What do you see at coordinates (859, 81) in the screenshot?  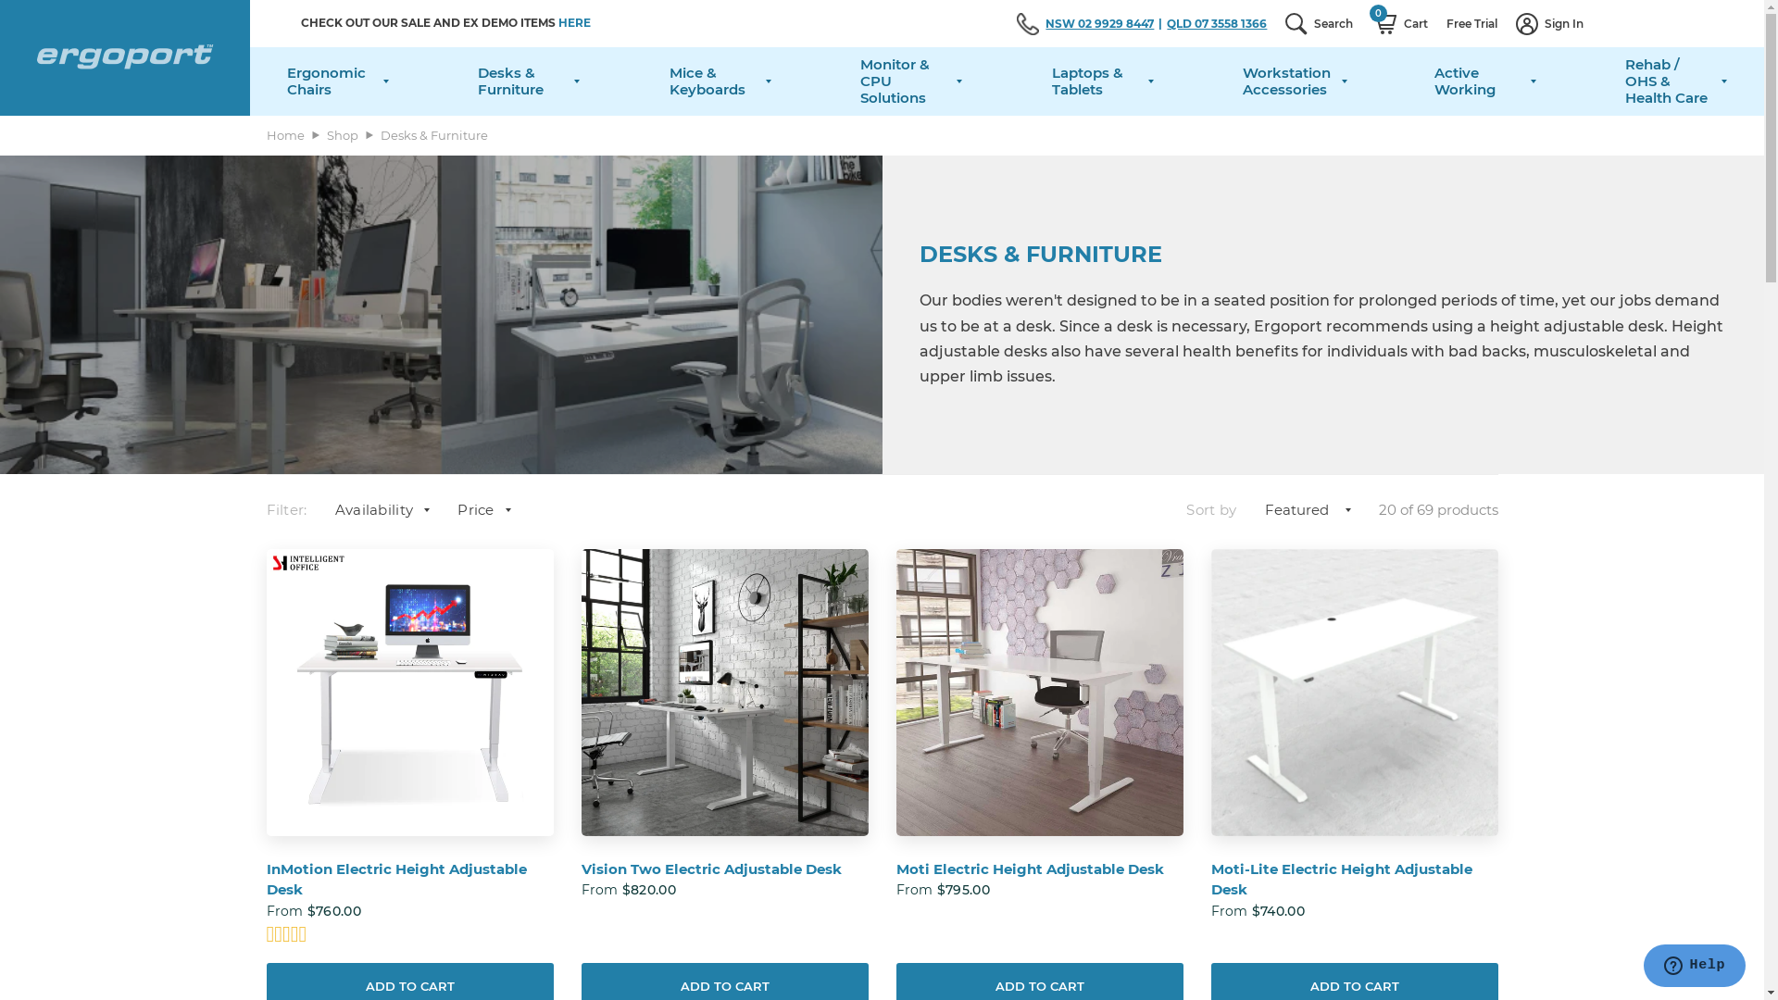 I see `'Monitor & CPU Solutions'` at bounding box center [859, 81].